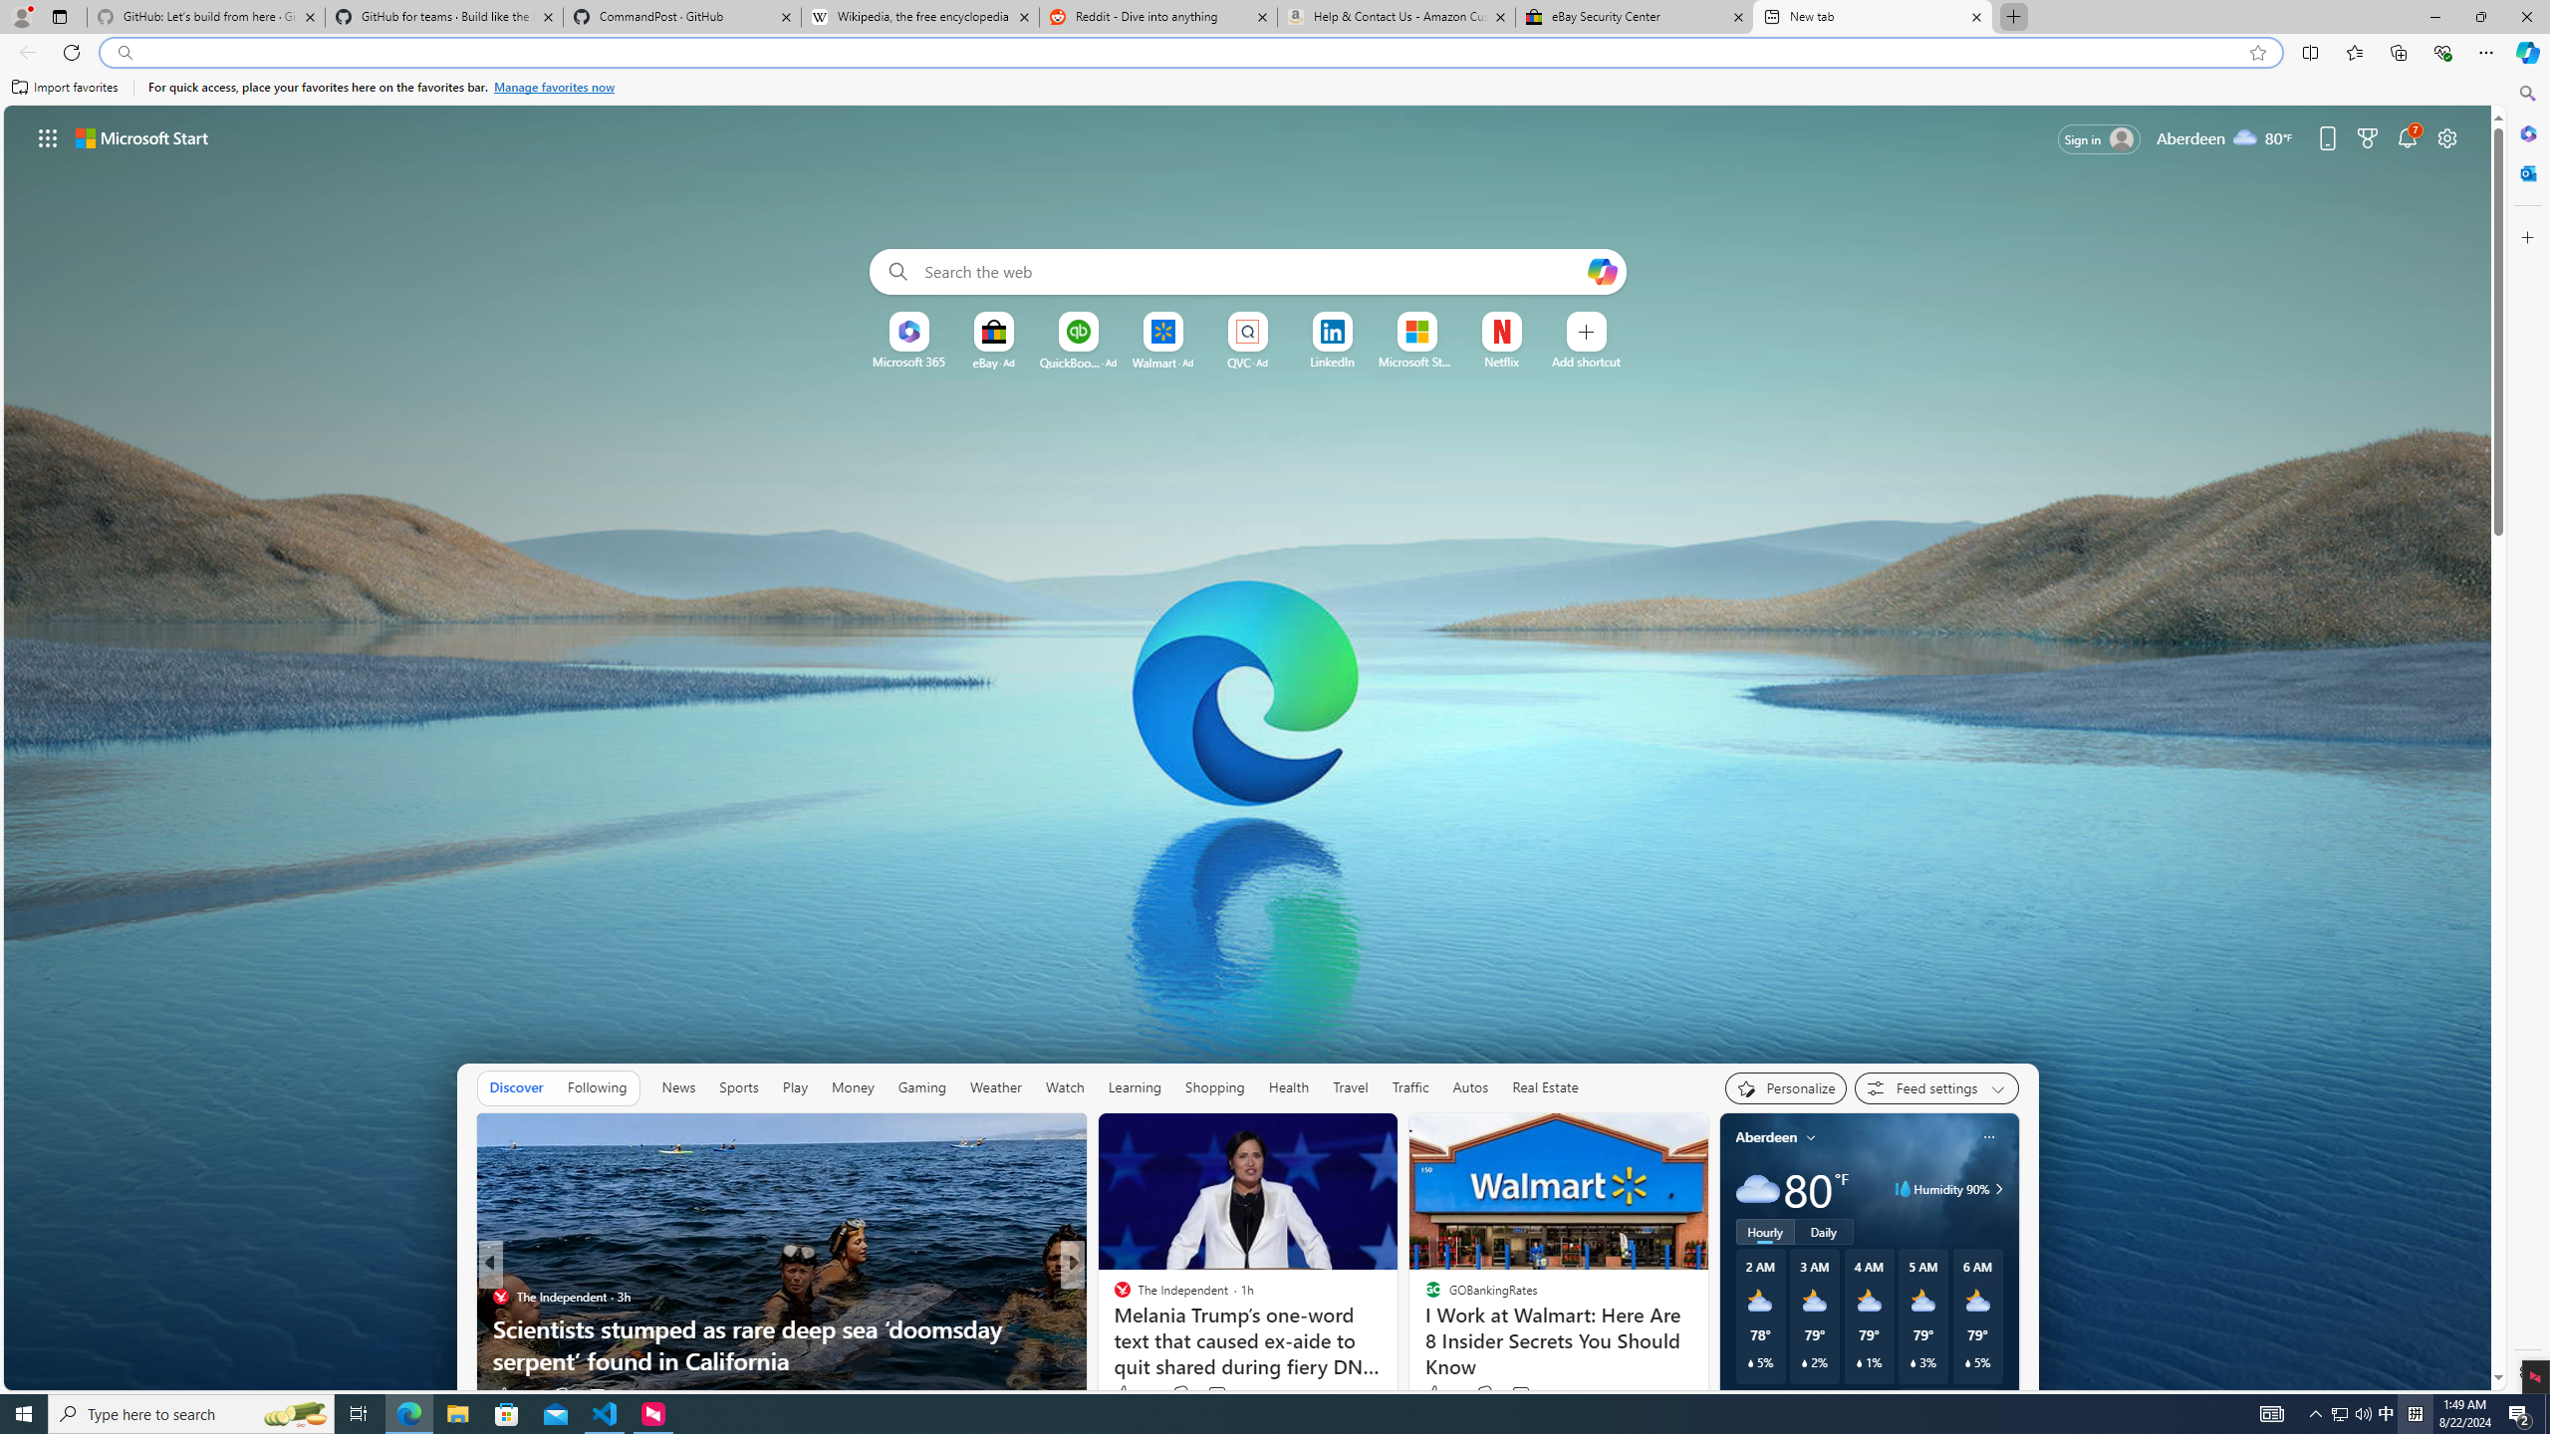  I want to click on 'Daily Meal', so click(1113, 1297).